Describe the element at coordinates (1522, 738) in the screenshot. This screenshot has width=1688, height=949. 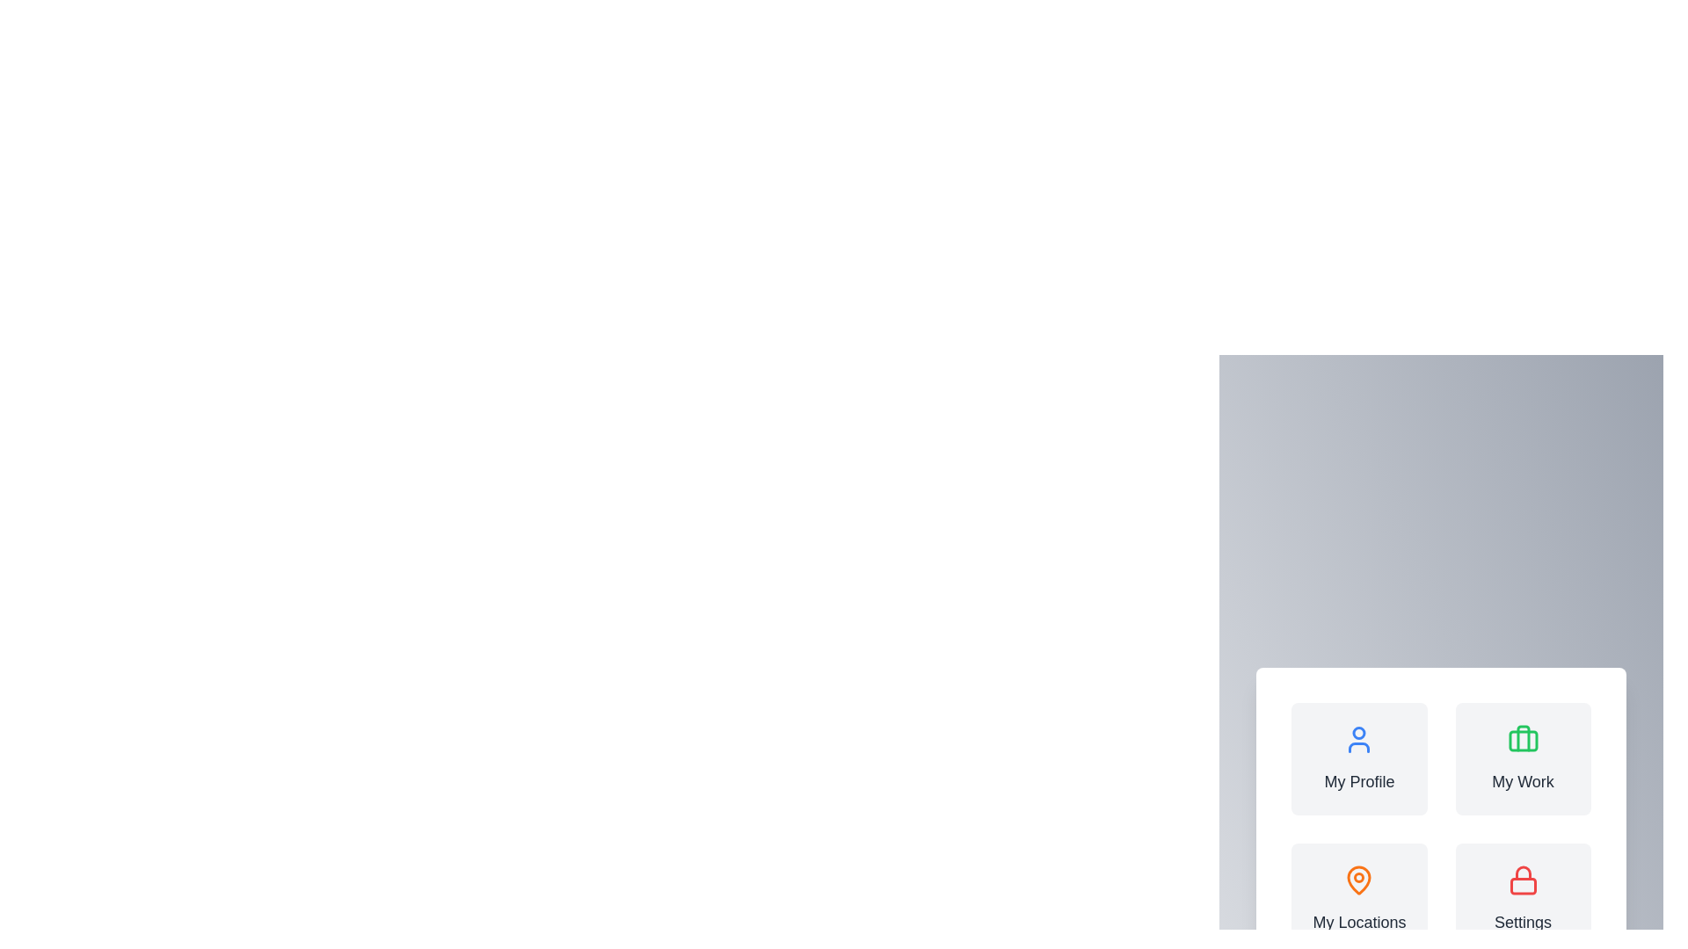
I see `the vertical center detail of the green suitcase icon in the top-right button labeled 'My Work' in the grid of four options` at that location.